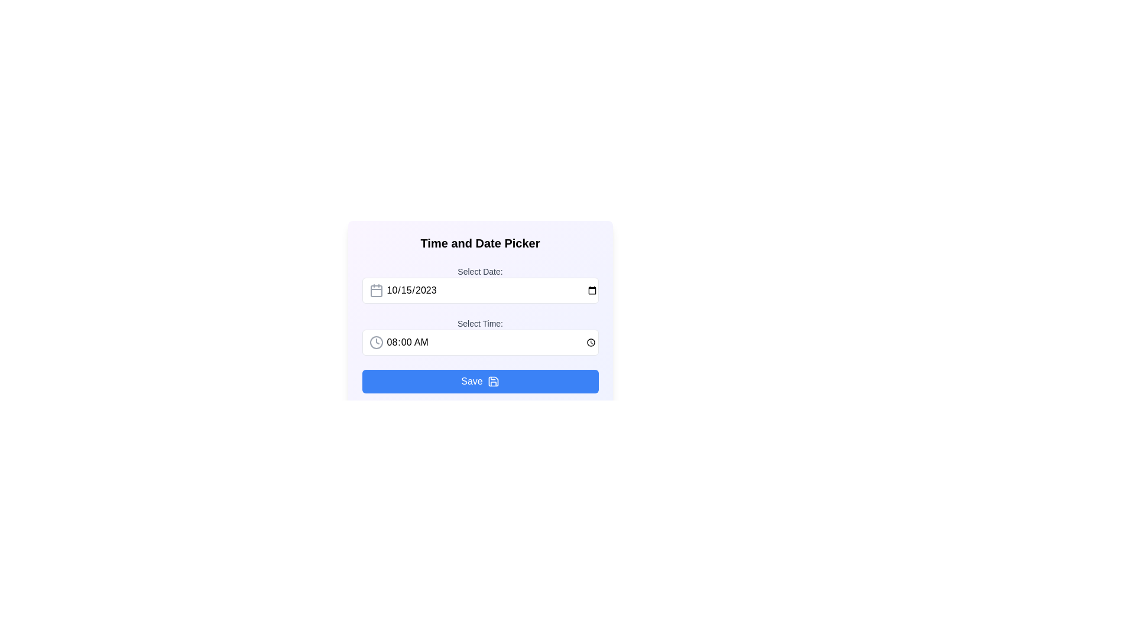 This screenshot has width=1135, height=638. What do you see at coordinates (493, 381) in the screenshot?
I see `the 'Save' icon located at the center of the 'Save' button in the modal dialog` at bounding box center [493, 381].